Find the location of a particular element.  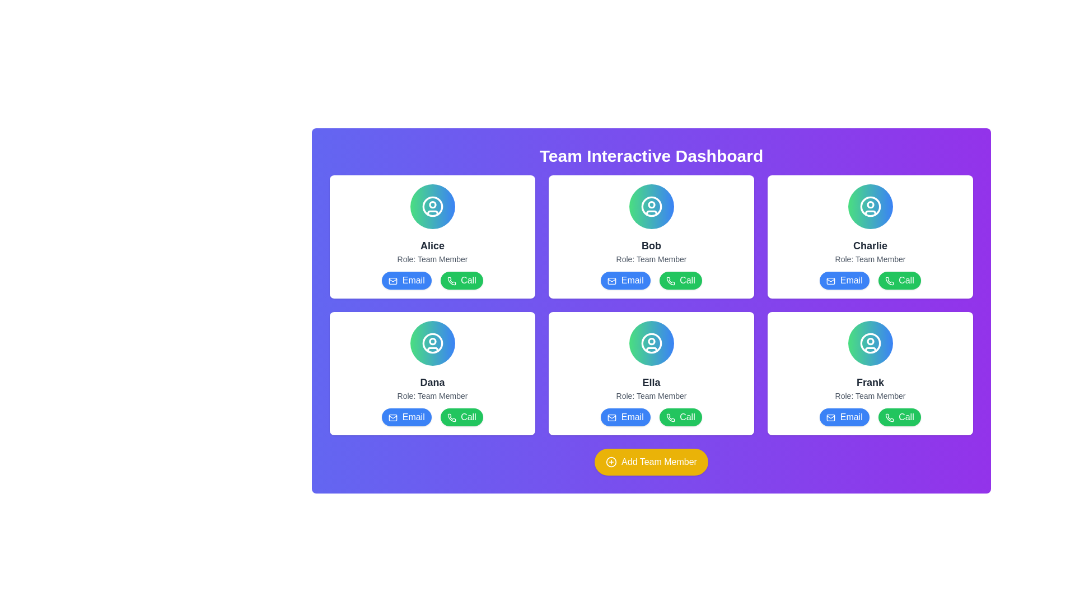

the text label displaying the name 'Frank', which is styled prominently in bold and large font, located in the middle of the card above the 'Role: Team Member' label is located at coordinates (870, 381).